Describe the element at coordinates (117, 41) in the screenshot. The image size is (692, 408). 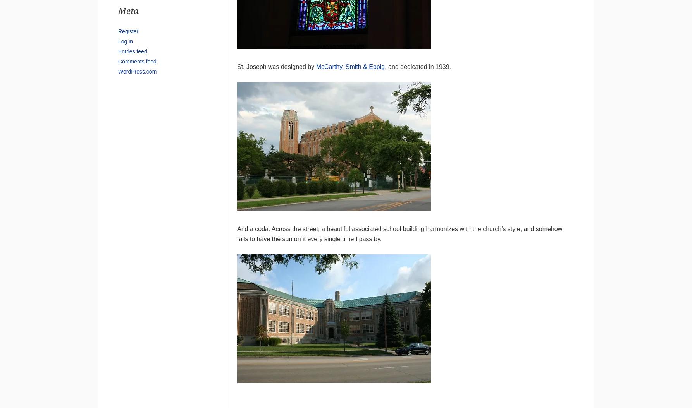
I see `'Log in'` at that location.